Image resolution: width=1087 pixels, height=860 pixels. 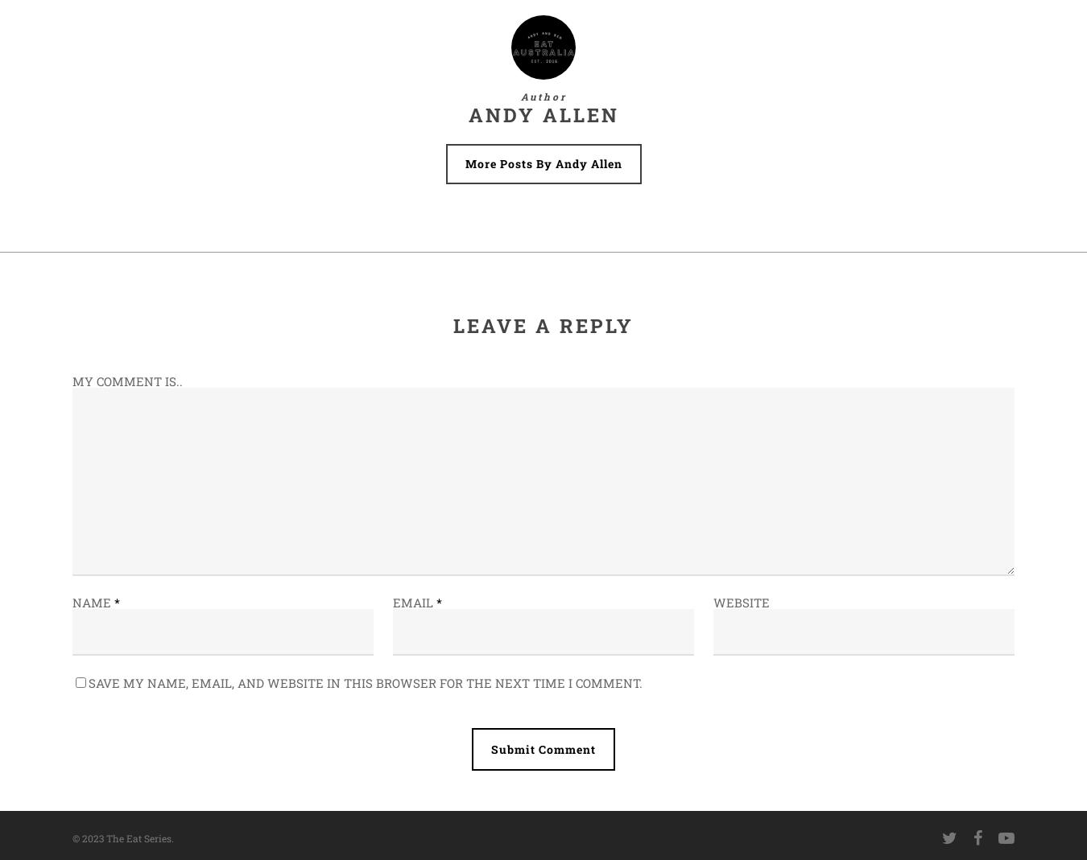 What do you see at coordinates (519, 97) in the screenshot?
I see `'Author'` at bounding box center [519, 97].